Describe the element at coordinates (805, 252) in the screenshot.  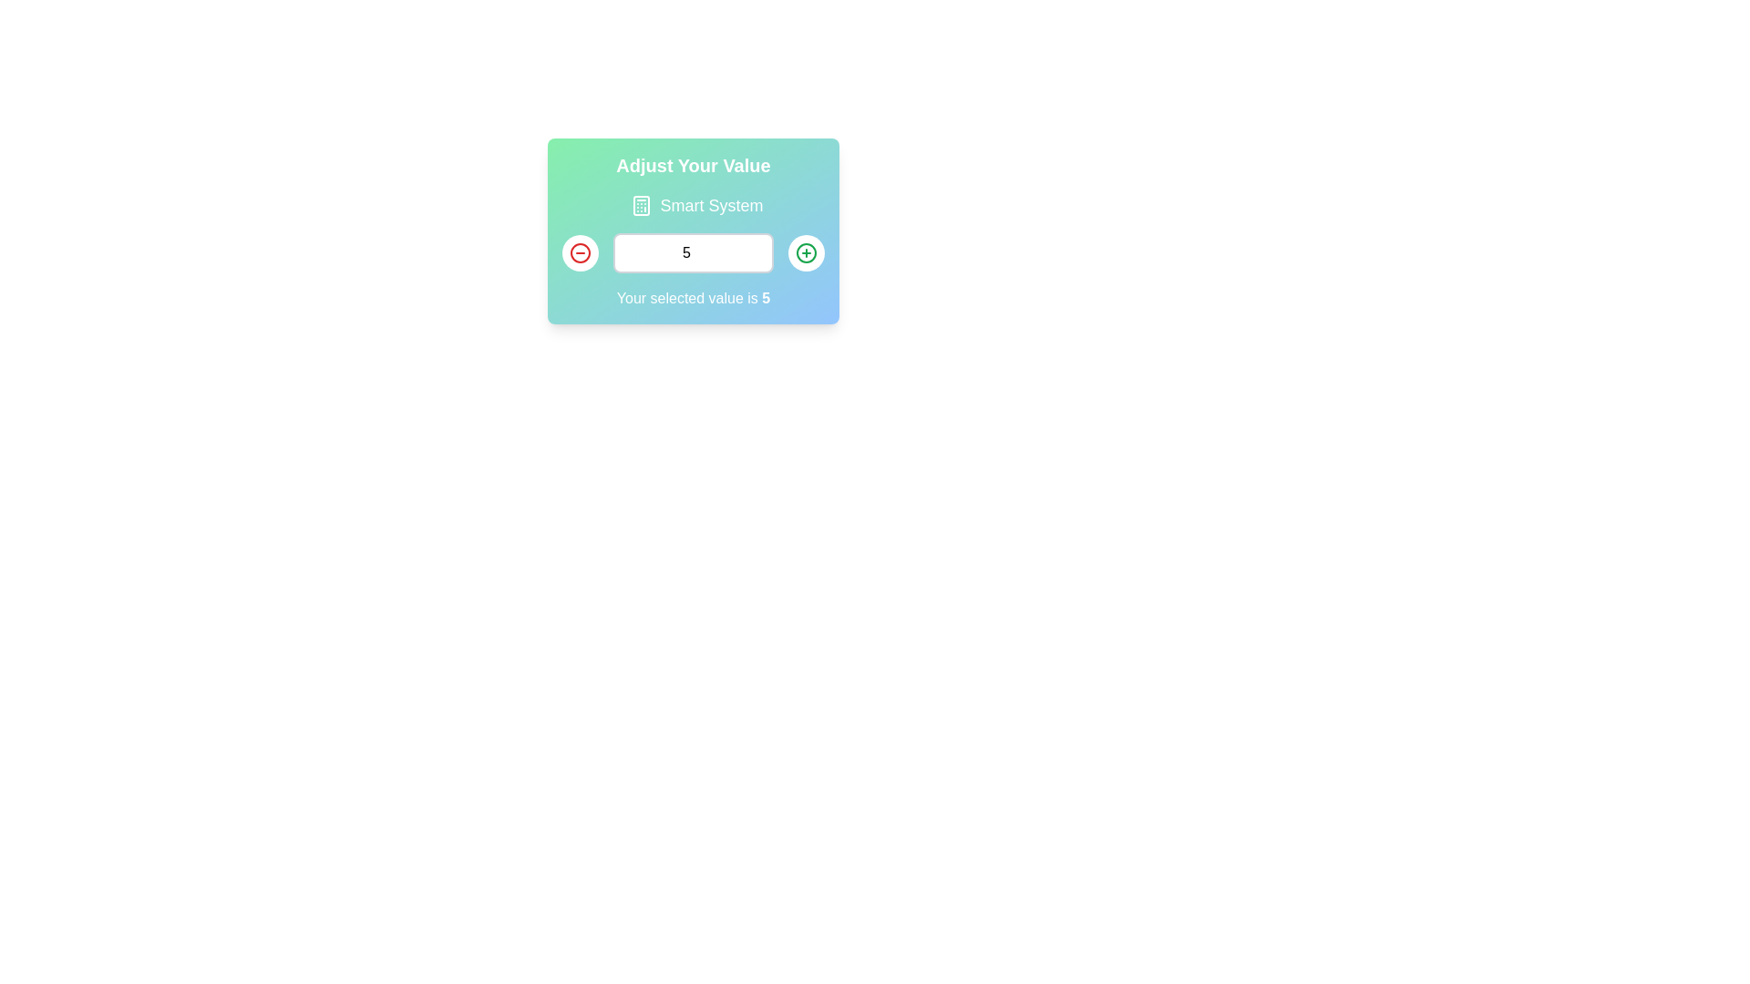
I see `the circular boundary of the plus-circle icon, which is part of the control for adding or increasing values` at that location.